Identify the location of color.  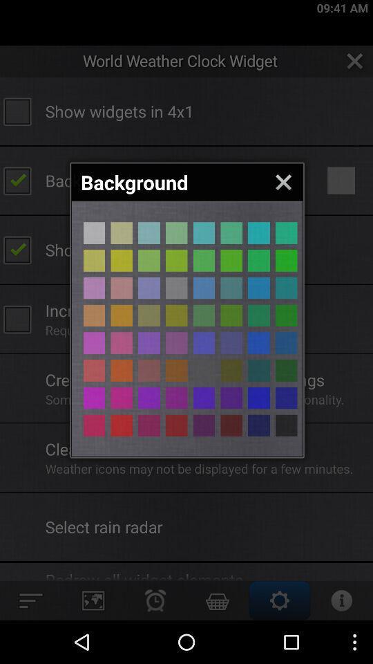
(258, 369).